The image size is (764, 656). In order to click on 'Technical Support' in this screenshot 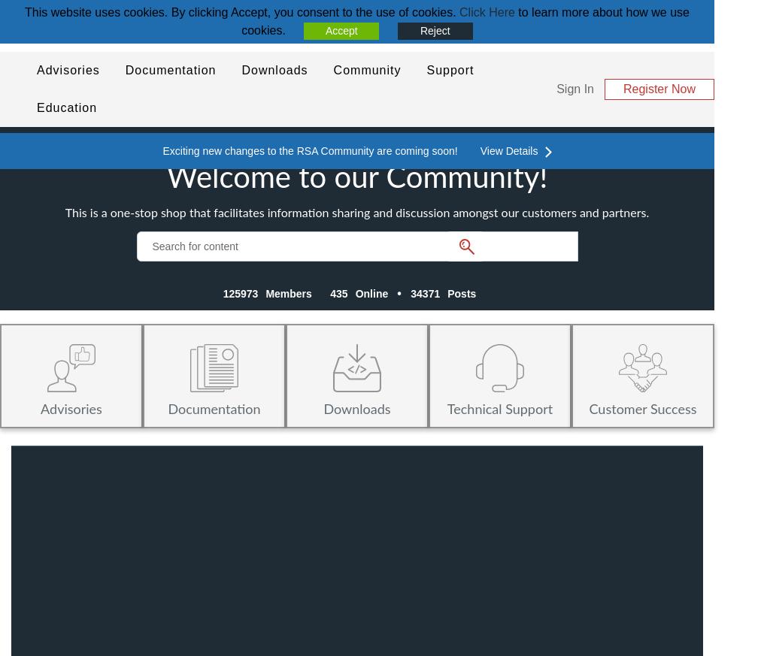, I will do `click(499, 409)`.